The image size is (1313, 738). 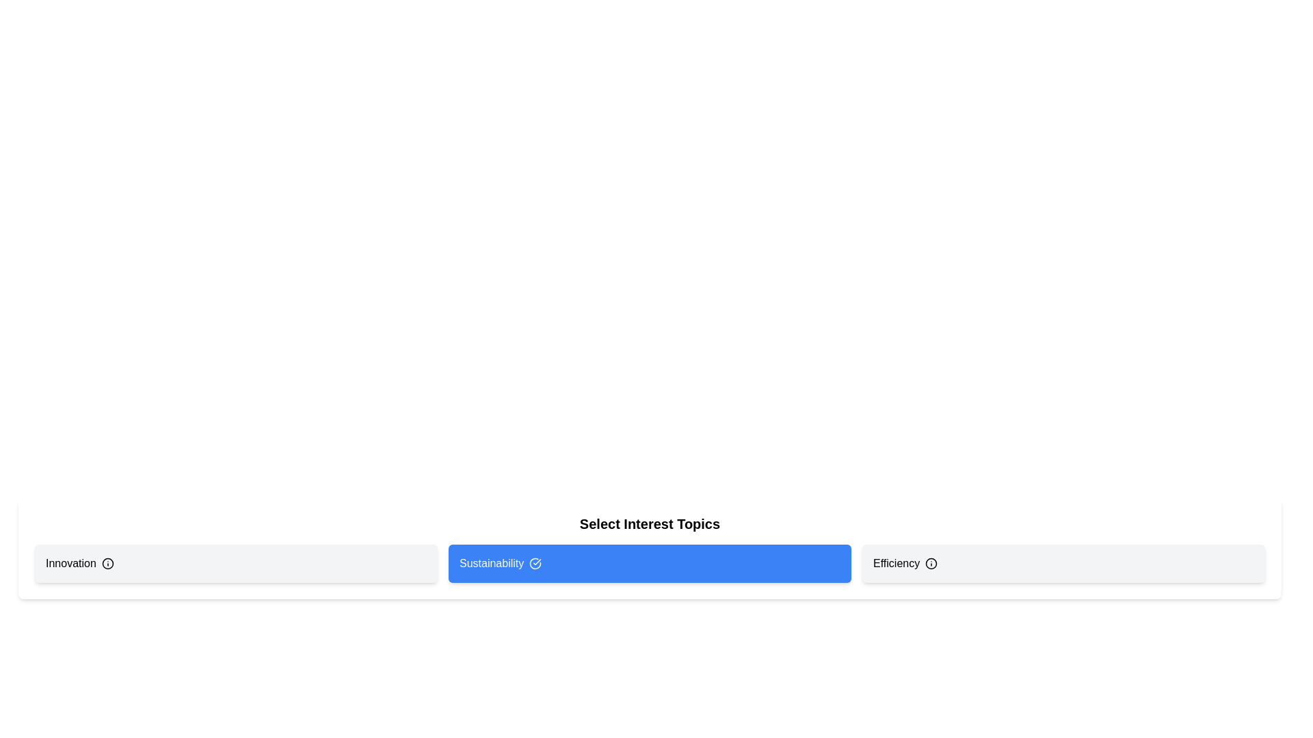 I want to click on the 'Innovation' tag to toggle its selection, so click(x=236, y=564).